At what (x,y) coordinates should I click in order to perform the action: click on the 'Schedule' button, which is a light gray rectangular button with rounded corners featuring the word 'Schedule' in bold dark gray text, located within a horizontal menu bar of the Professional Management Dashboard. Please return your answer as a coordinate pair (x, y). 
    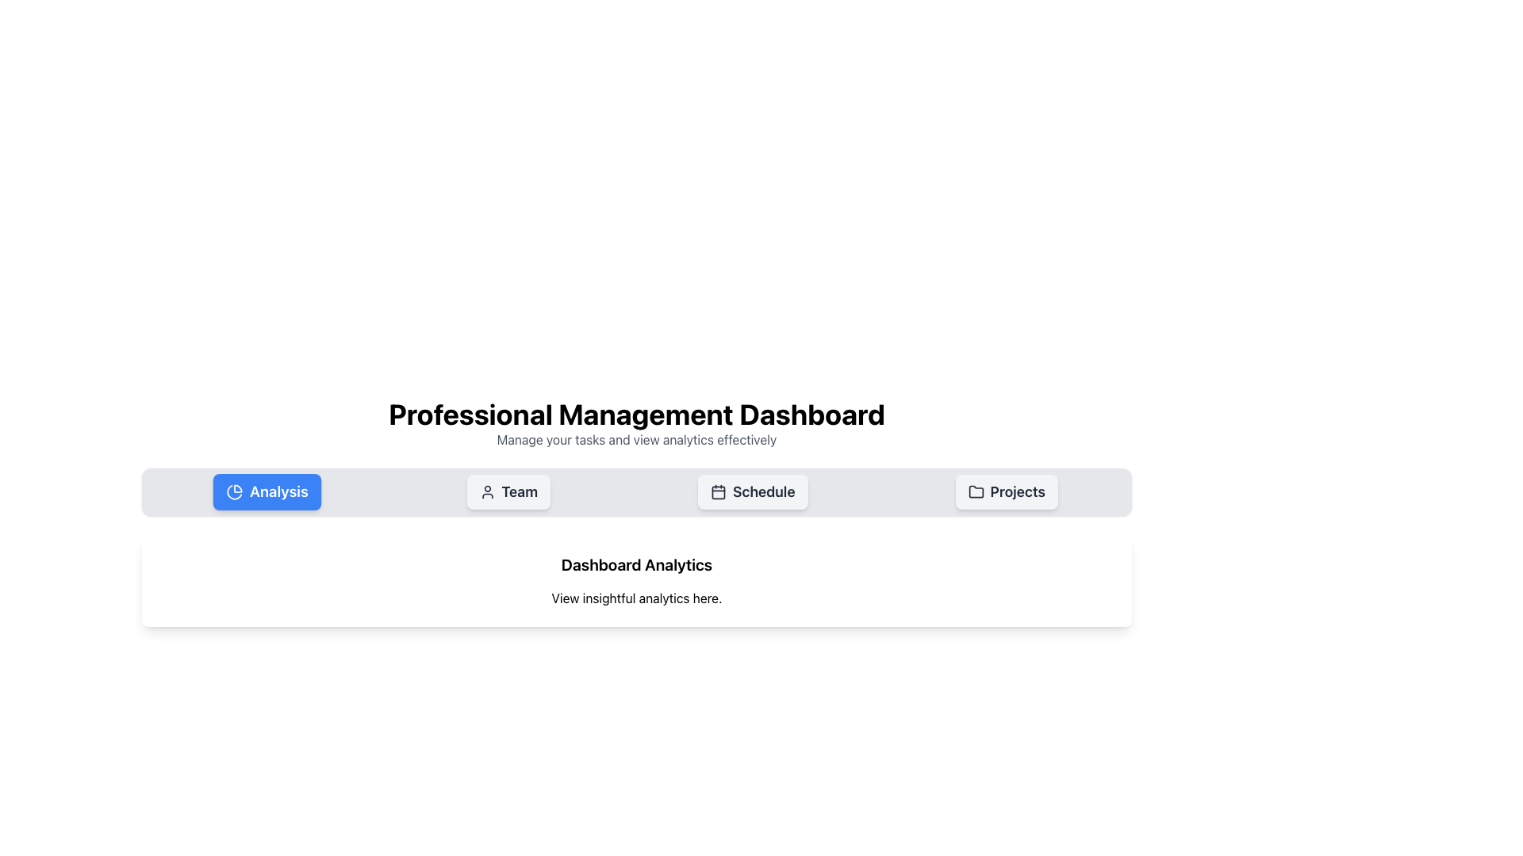
    Looking at the image, I should click on (764, 491).